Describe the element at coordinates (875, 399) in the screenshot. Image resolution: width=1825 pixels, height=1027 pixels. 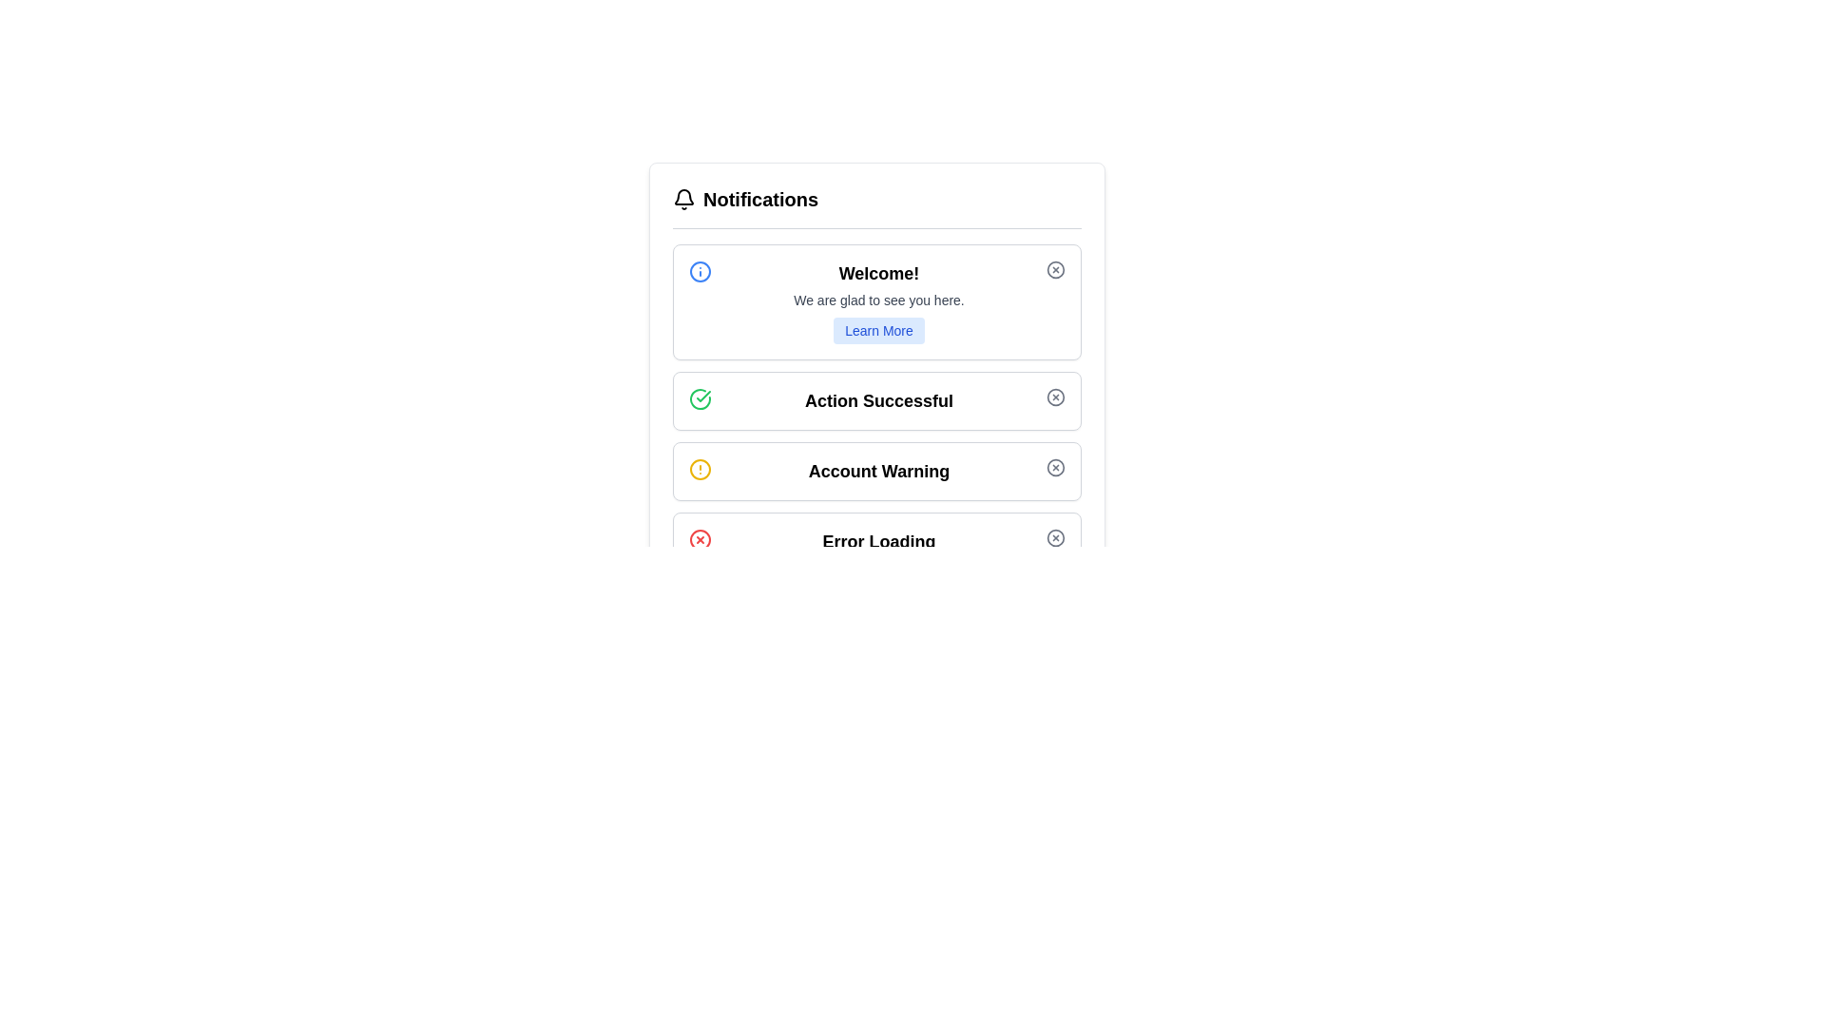
I see `the Notification Card displaying 'Action Successful' with a green checkmark icon, which is the second card in the notification list` at that location.